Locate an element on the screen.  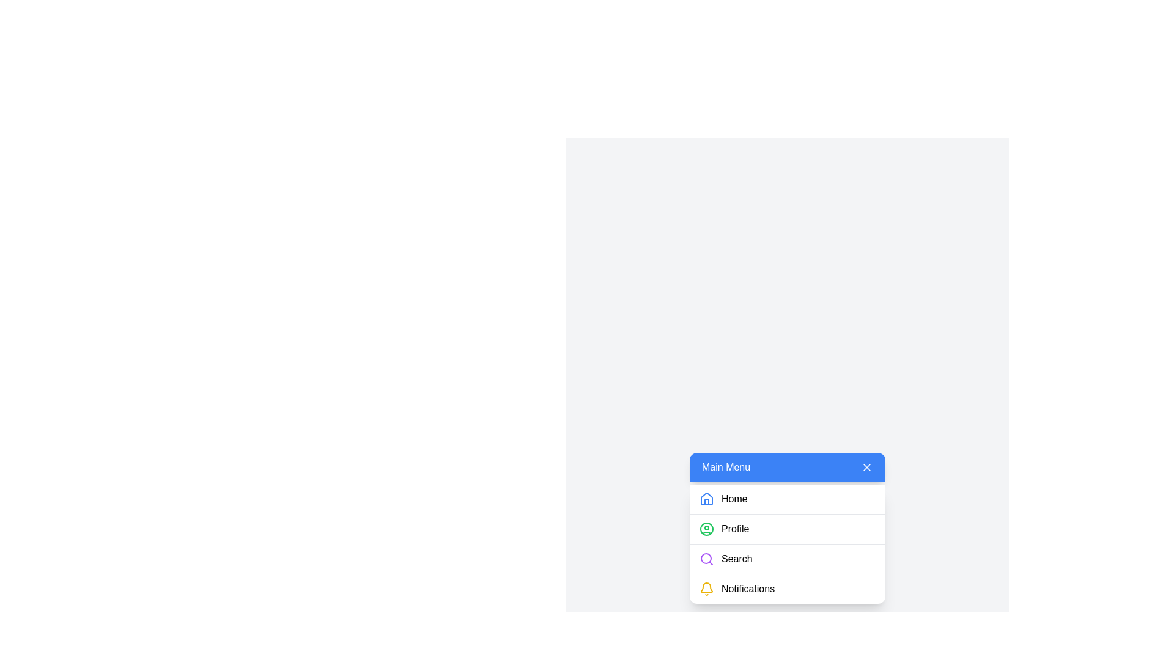
the close button located in the top-right corner of the 'Main Menu' header bar is located at coordinates (866, 467).